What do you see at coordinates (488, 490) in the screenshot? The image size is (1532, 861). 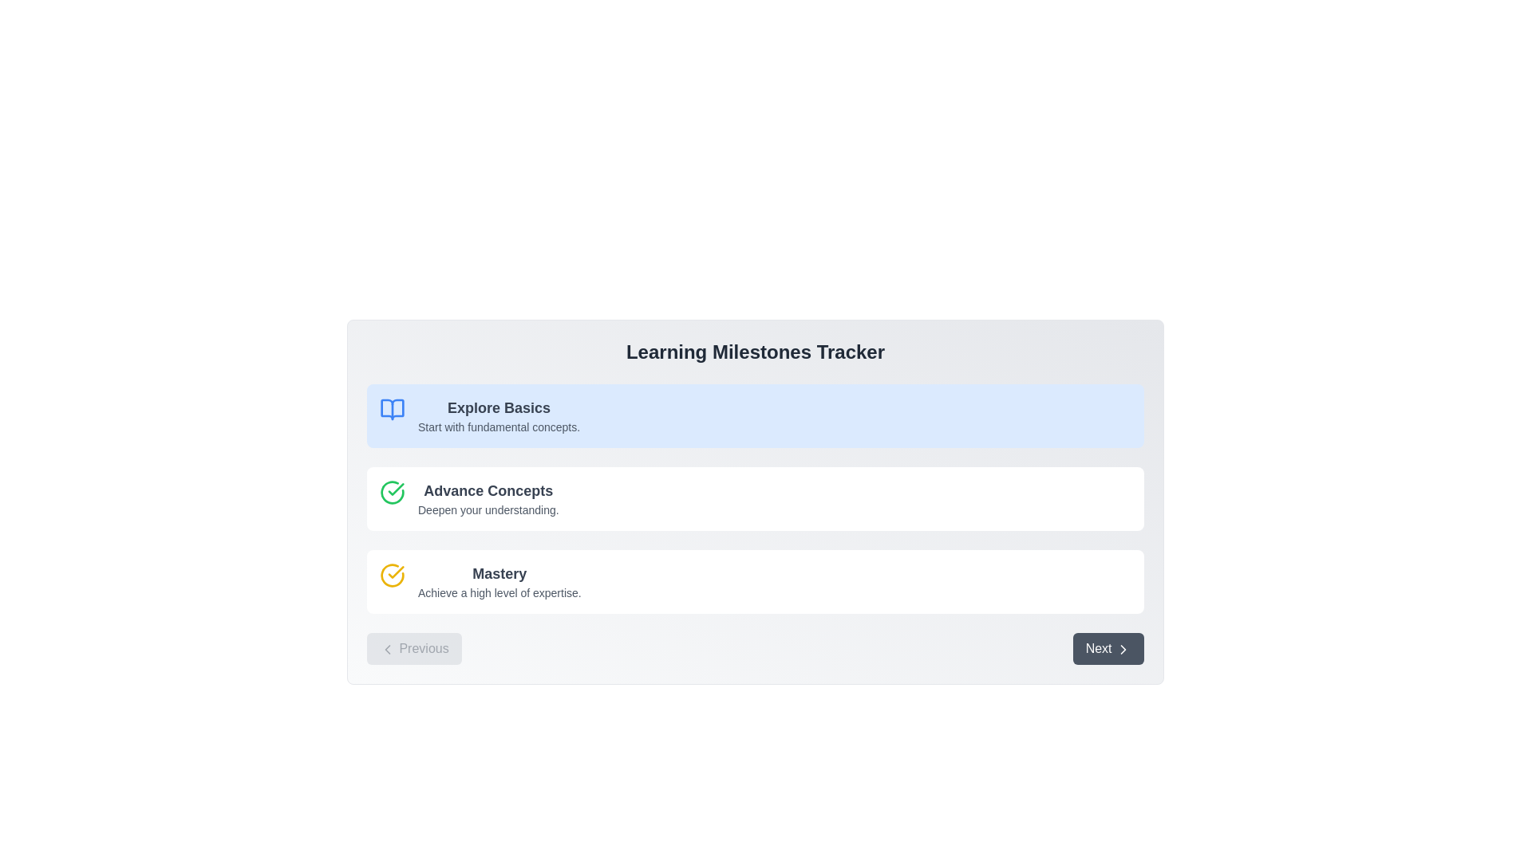 I see `the title text element indicating 'Advance Concepts' in the learning tracker interface` at bounding box center [488, 490].